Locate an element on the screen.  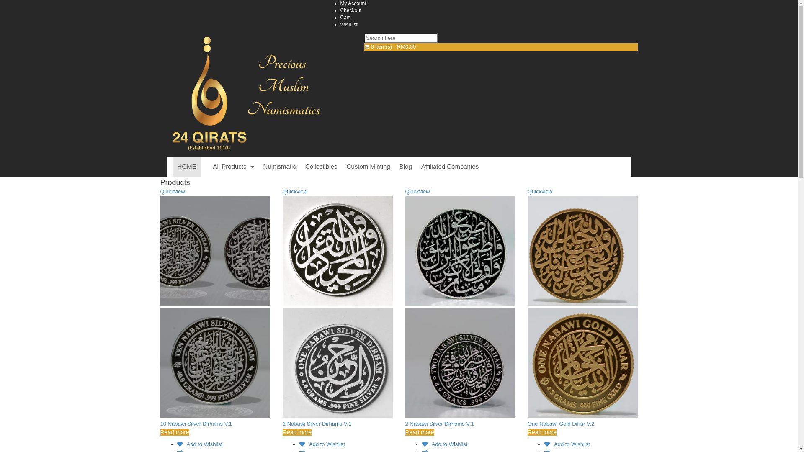
'HOME' is located at coordinates (186, 167).